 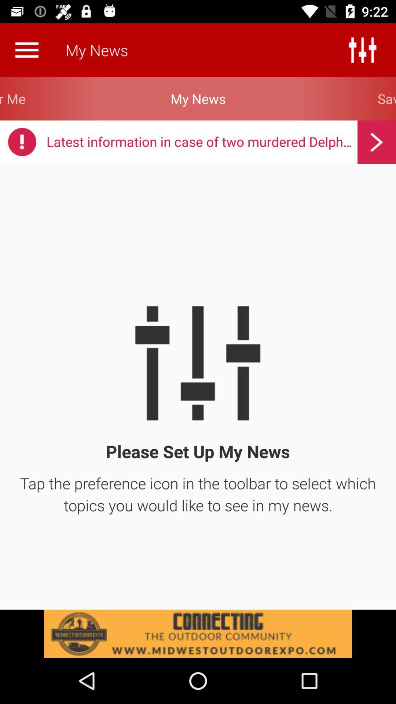 I want to click on click settings, so click(x=362, y=49).